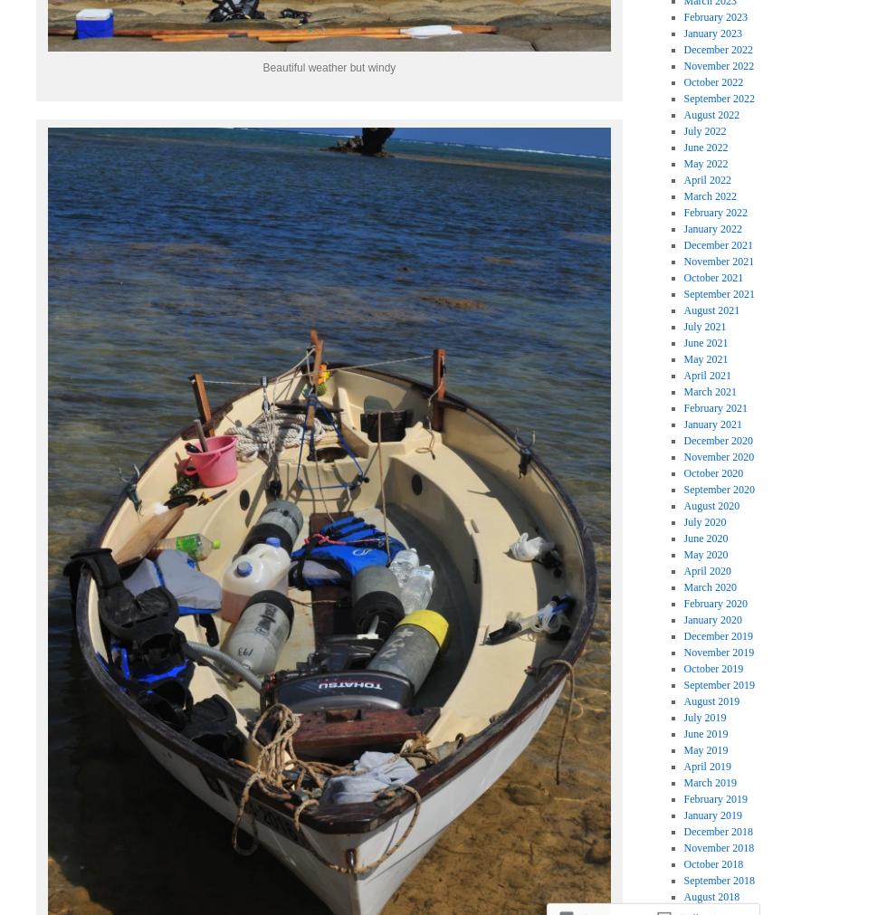  Describe the element at coordinates (718, 261) in the screenshot. I see `'November 2021'` at that location.